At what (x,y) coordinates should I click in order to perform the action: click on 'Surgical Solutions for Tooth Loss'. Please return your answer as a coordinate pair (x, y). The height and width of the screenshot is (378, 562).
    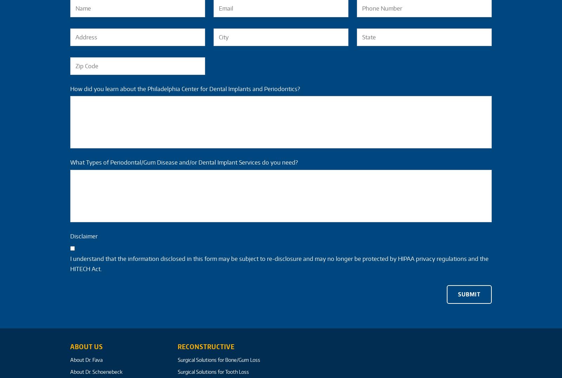
    Looking at the image, I should click on (213, 372).